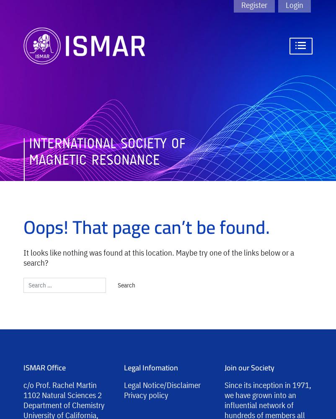 This screenshot has width=336, height=419. I want to click on 'Login', so click(294, 5).